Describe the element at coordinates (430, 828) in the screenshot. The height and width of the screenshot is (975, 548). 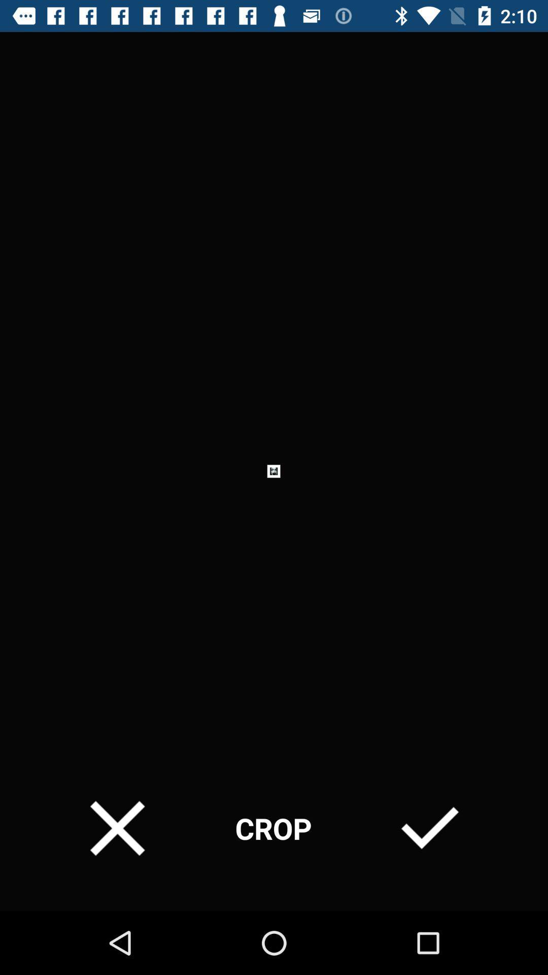
I see `the icon at the bottom right corner` at that location.